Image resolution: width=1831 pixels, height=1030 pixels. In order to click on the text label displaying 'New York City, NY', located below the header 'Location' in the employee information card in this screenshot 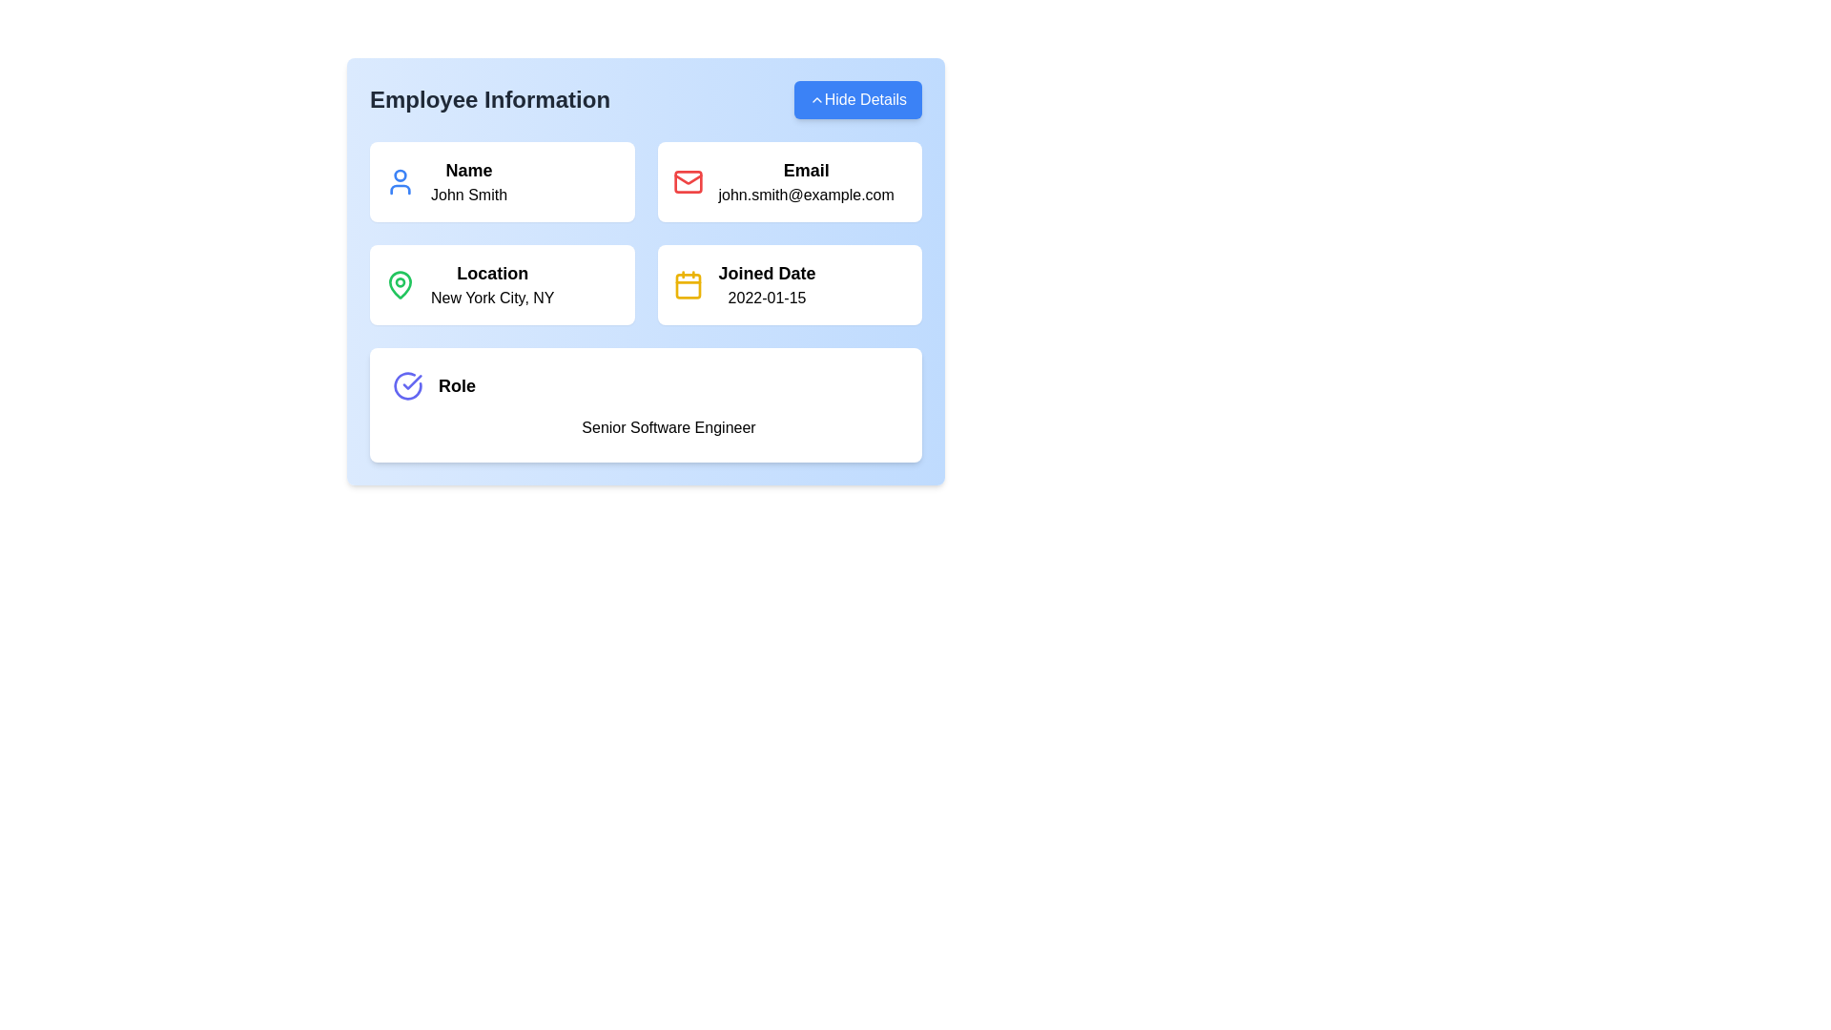, I will do `click(492, 298)`.